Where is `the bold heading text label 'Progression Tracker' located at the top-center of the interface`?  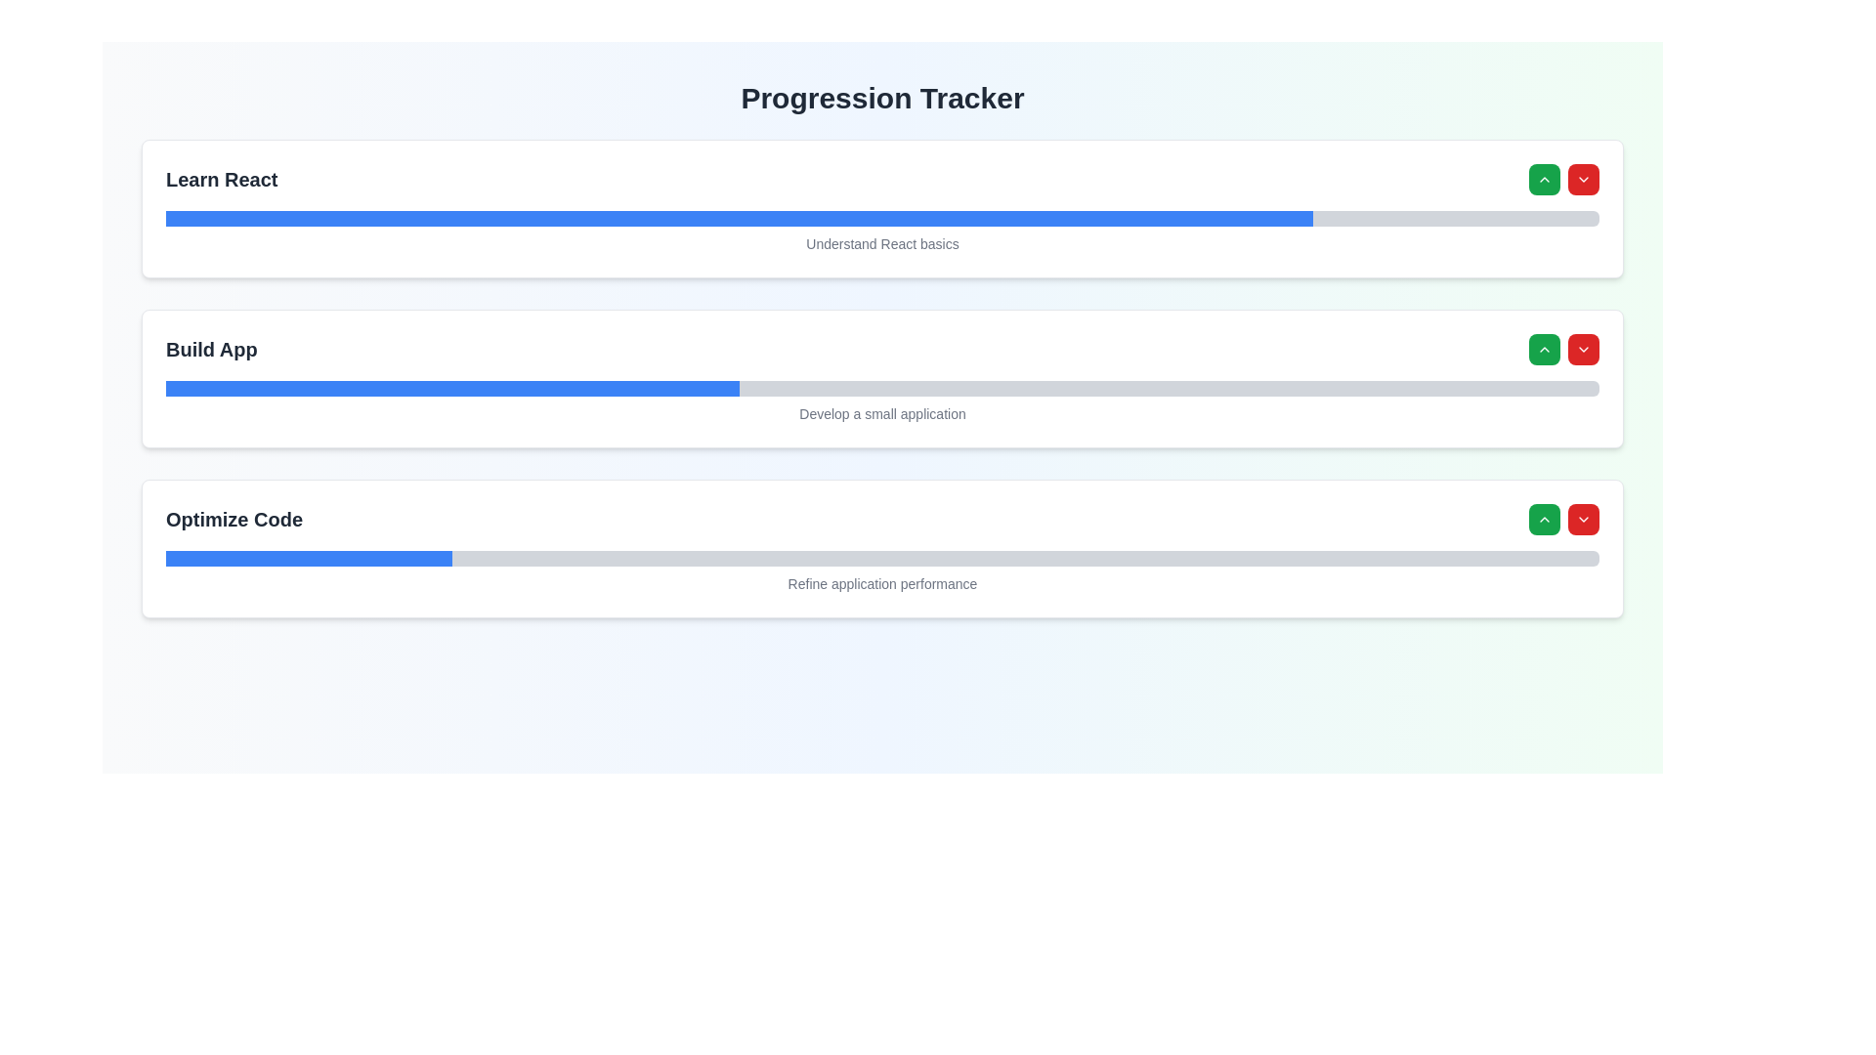
the bold heading text label 'Progression Tracker' located at the top-center of the interface is located at coordinates (881, 98).